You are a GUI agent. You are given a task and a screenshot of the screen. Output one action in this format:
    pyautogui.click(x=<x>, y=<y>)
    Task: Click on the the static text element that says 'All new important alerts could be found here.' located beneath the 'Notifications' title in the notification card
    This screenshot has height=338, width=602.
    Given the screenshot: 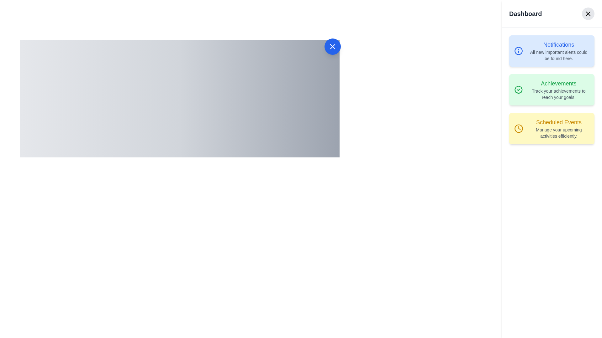 What is the action you would take?
    pyautogui.click(x=559, y=55)
    